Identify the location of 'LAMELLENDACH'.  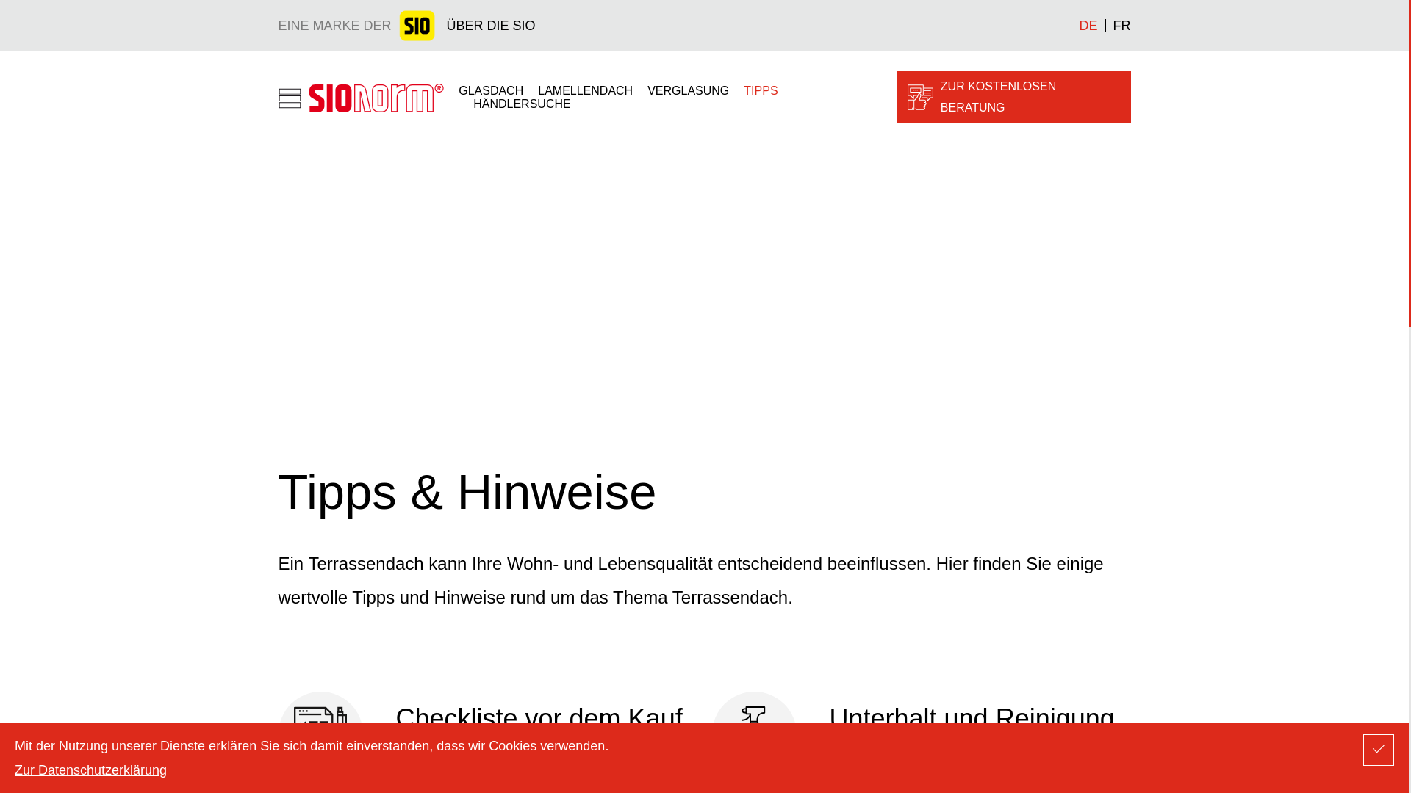
(584, 90).